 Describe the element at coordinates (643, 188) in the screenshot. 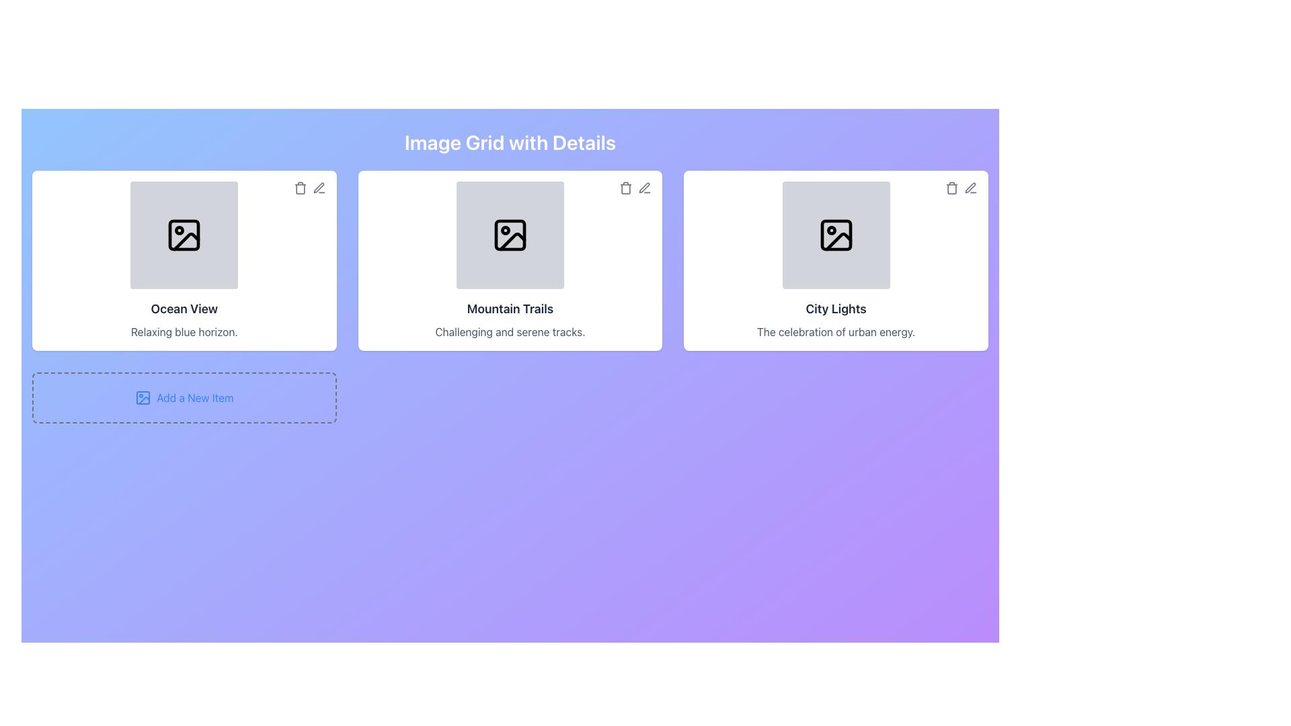

I see `the editing icon, which resembles a pen or pencil, located in the top right corner of the 'Mountain Trails' card, positioned to the right of the 'trash' icon` at that location.